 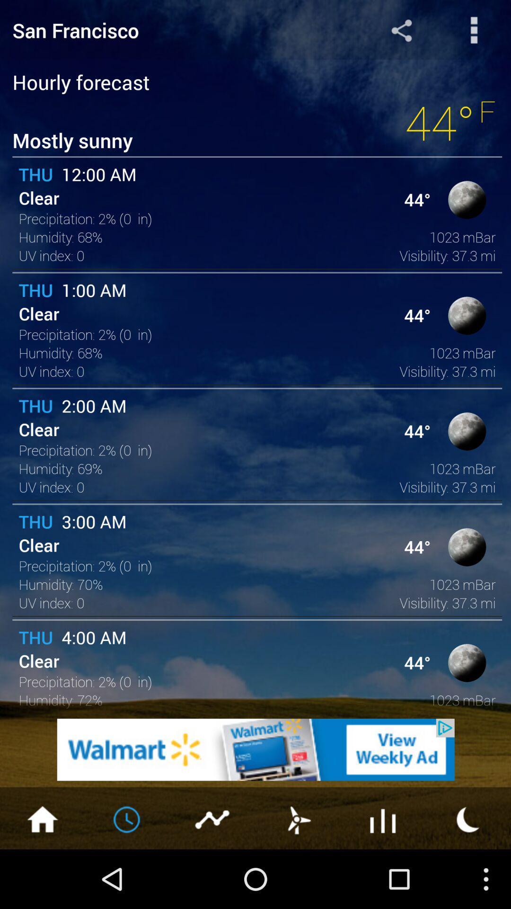 I want to click on san francisco, so click(x=169, y=30).